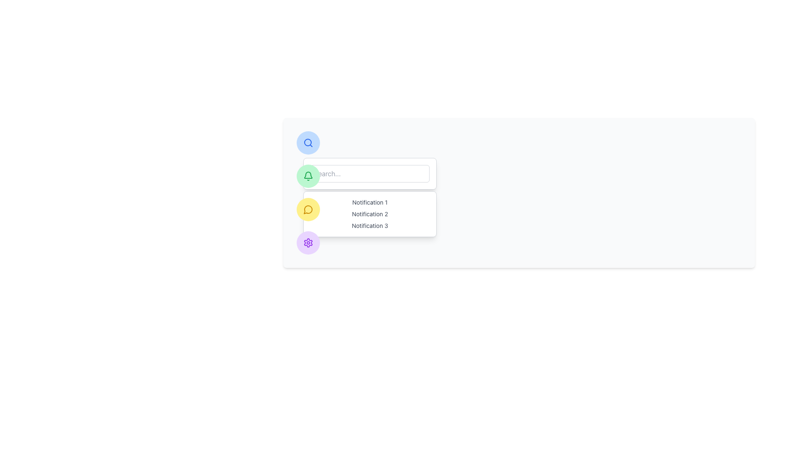 This screenshot has height=450, width=800. I want to click on the settings button, which is the fourth button in a vertical stack on the left side of the interface, so click(307, 242).